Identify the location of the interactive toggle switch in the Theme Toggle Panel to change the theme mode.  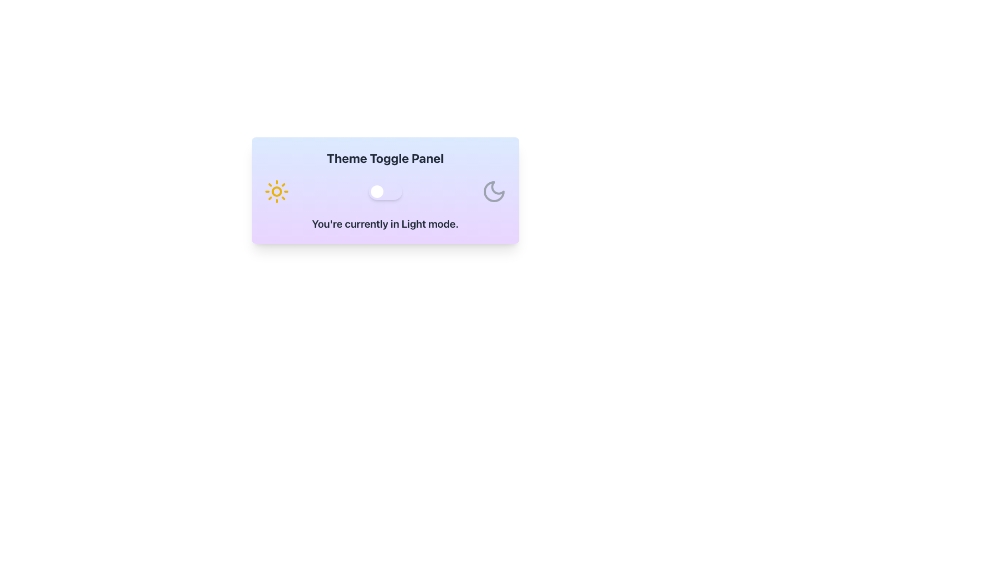
(384, 191).